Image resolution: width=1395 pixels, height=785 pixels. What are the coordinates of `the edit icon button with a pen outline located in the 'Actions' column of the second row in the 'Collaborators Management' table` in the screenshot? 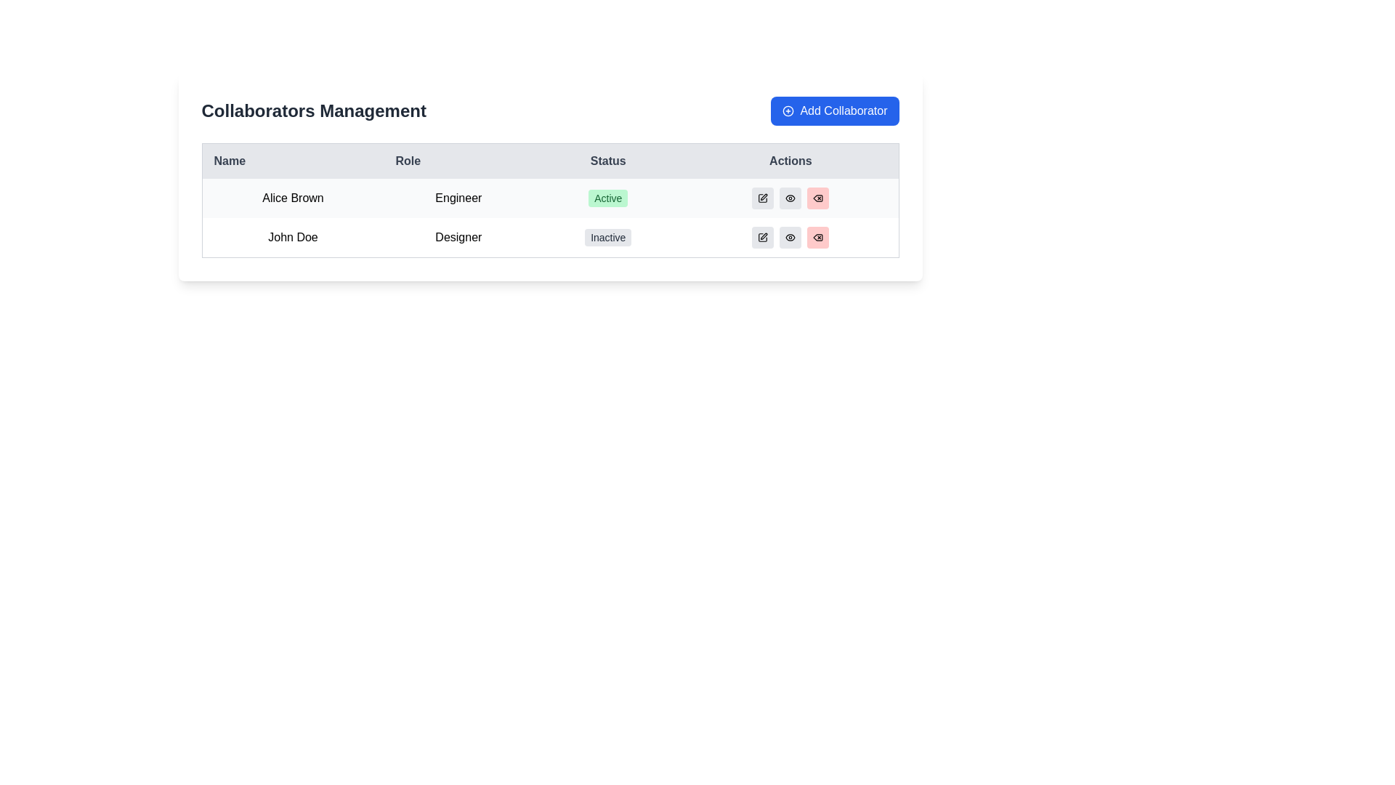 It's located at (762, 237).